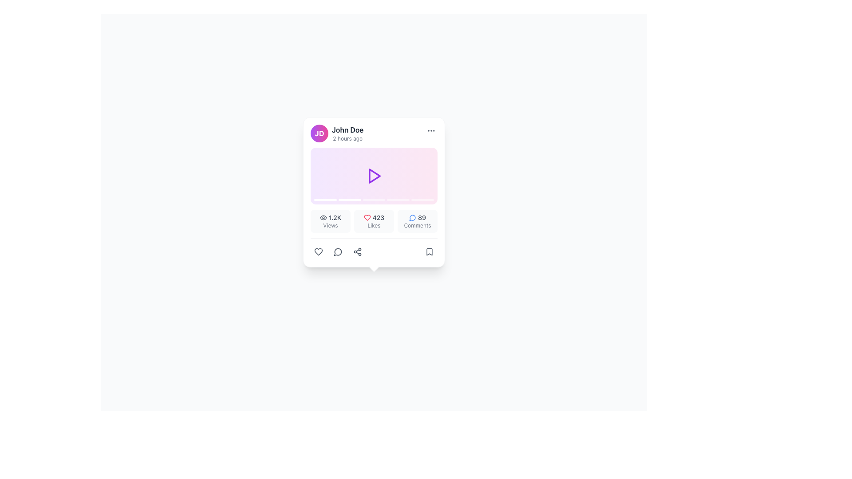 This screenshot has height=479, width=852. Describe the element at coordinates (430, 251) in the screenshot. I see `the bookmark icon located at the bottom-right section of the post card UI` at that location.